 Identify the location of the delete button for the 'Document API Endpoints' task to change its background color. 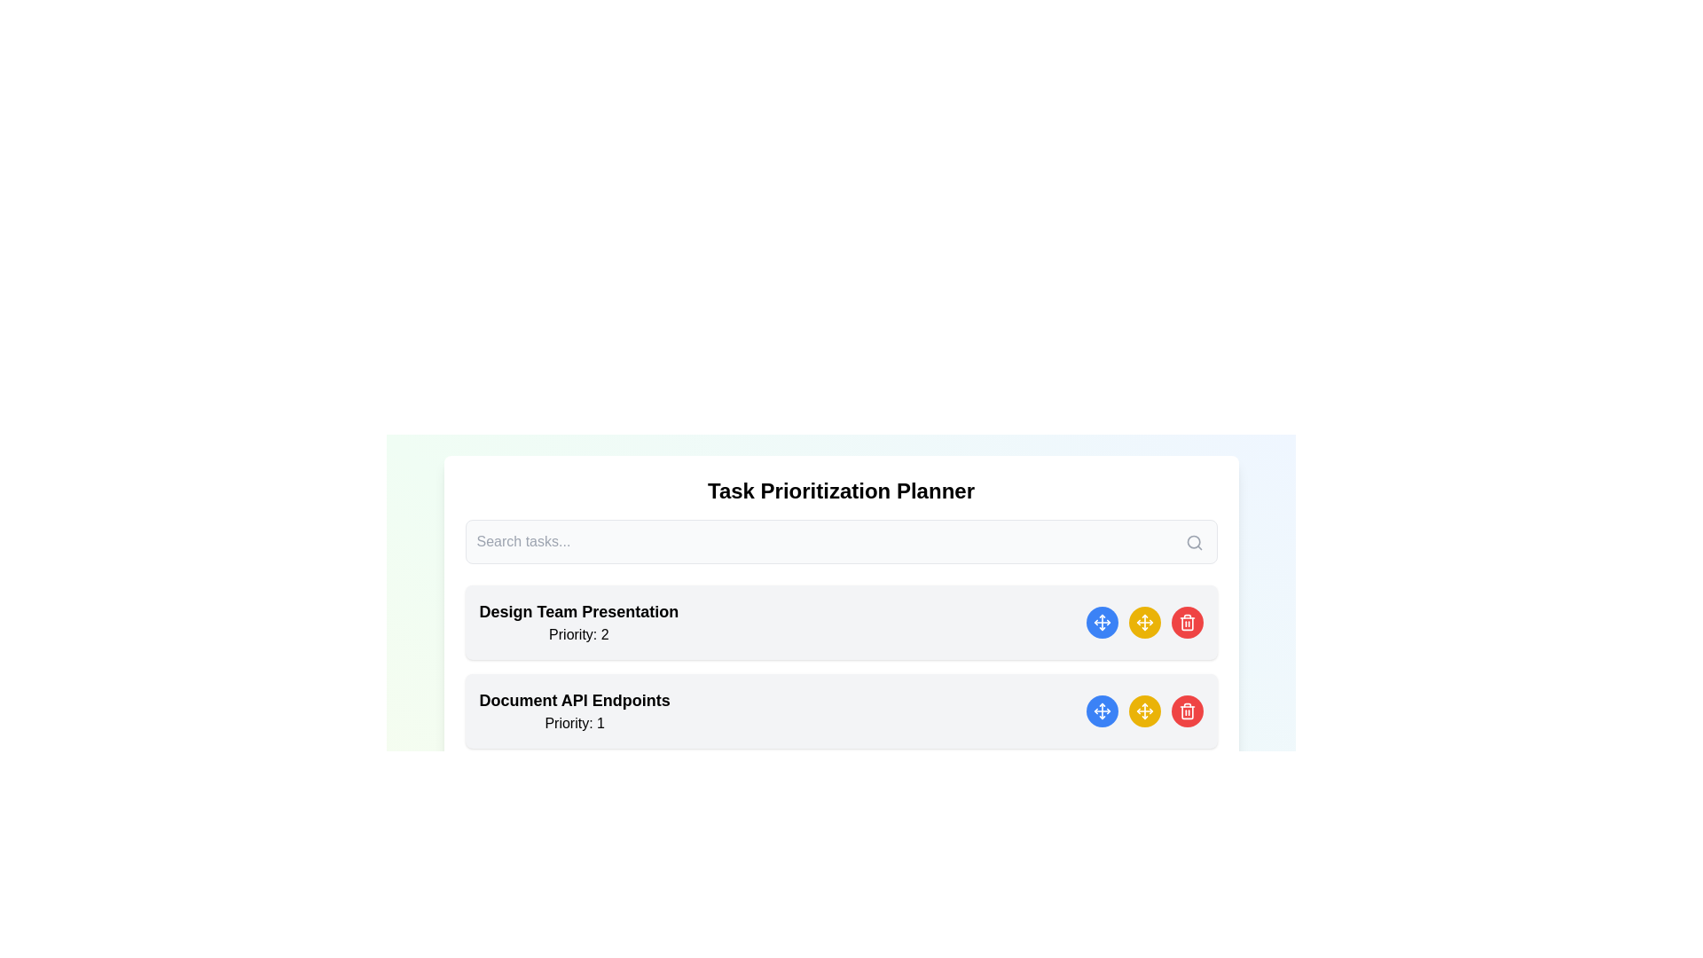
(1187, 711).